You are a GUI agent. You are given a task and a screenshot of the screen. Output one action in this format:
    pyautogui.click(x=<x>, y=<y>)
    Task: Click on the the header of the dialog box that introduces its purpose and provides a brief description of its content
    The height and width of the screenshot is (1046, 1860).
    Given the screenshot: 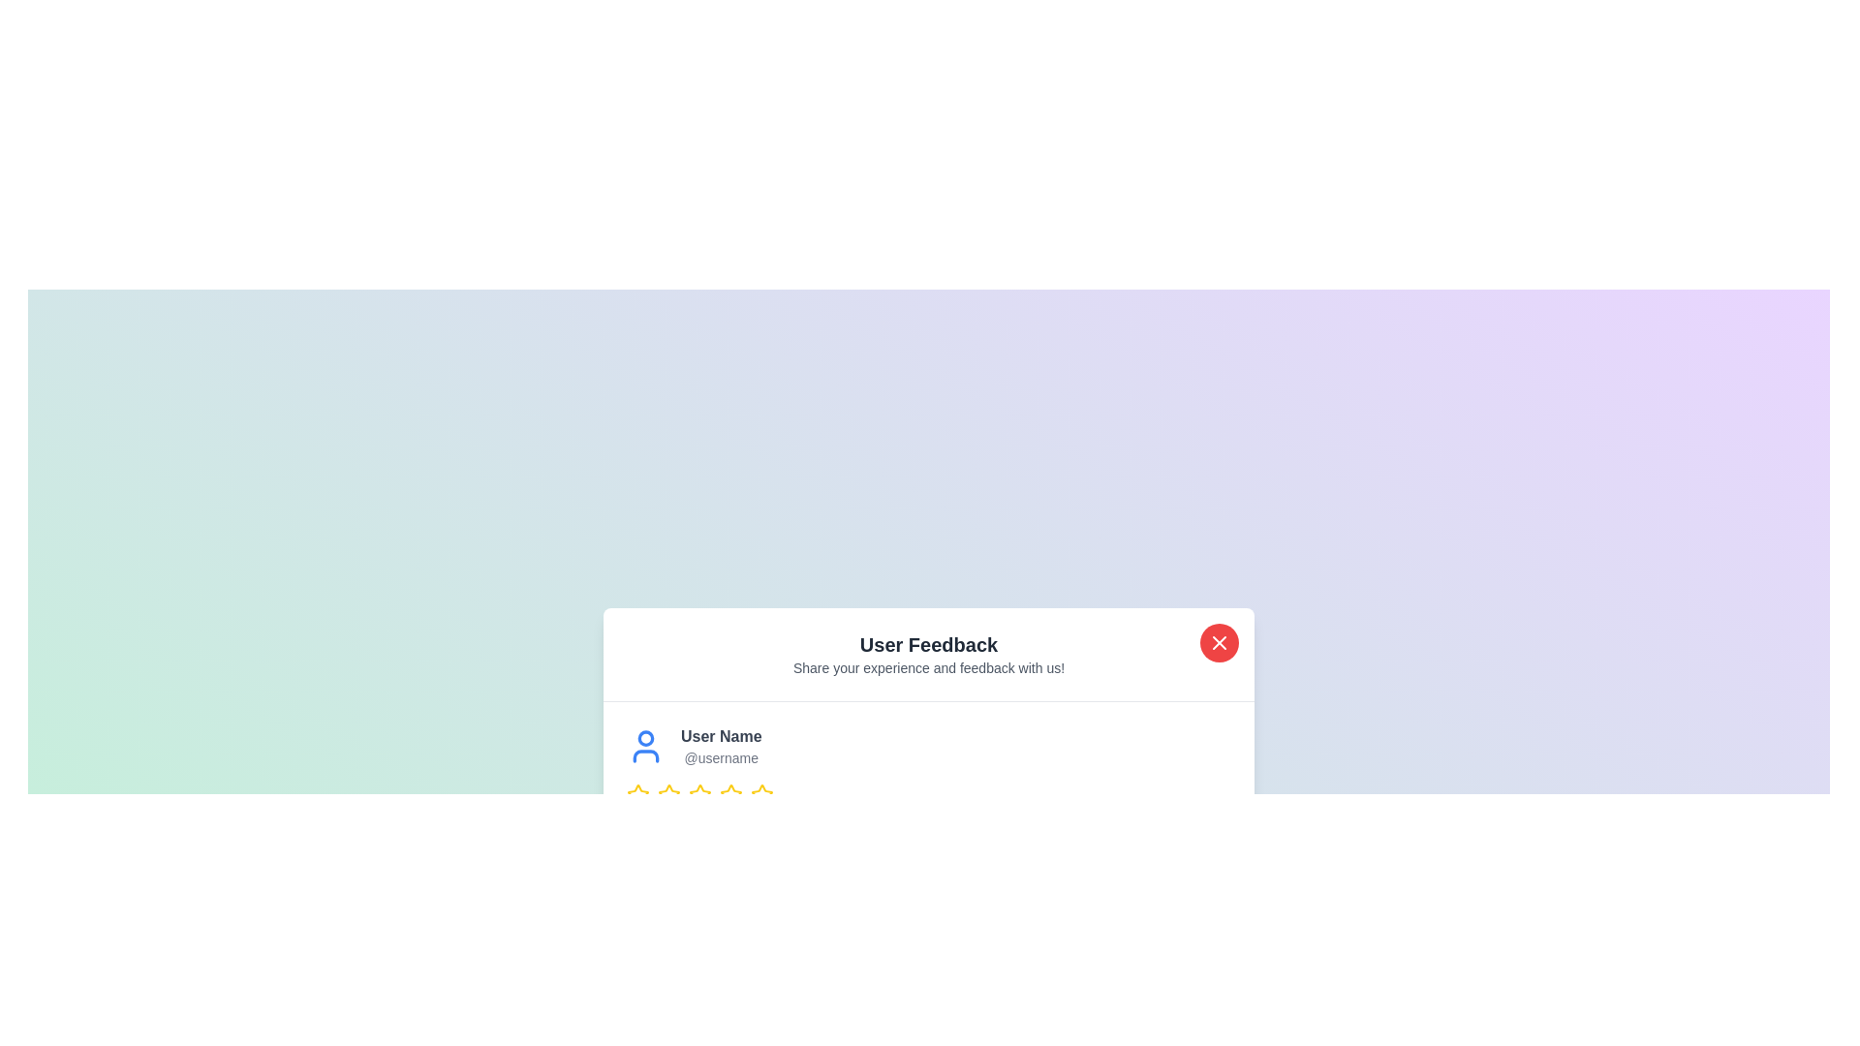 What is the action you would take?
    pyautogui.click(x=928, y=654)
    